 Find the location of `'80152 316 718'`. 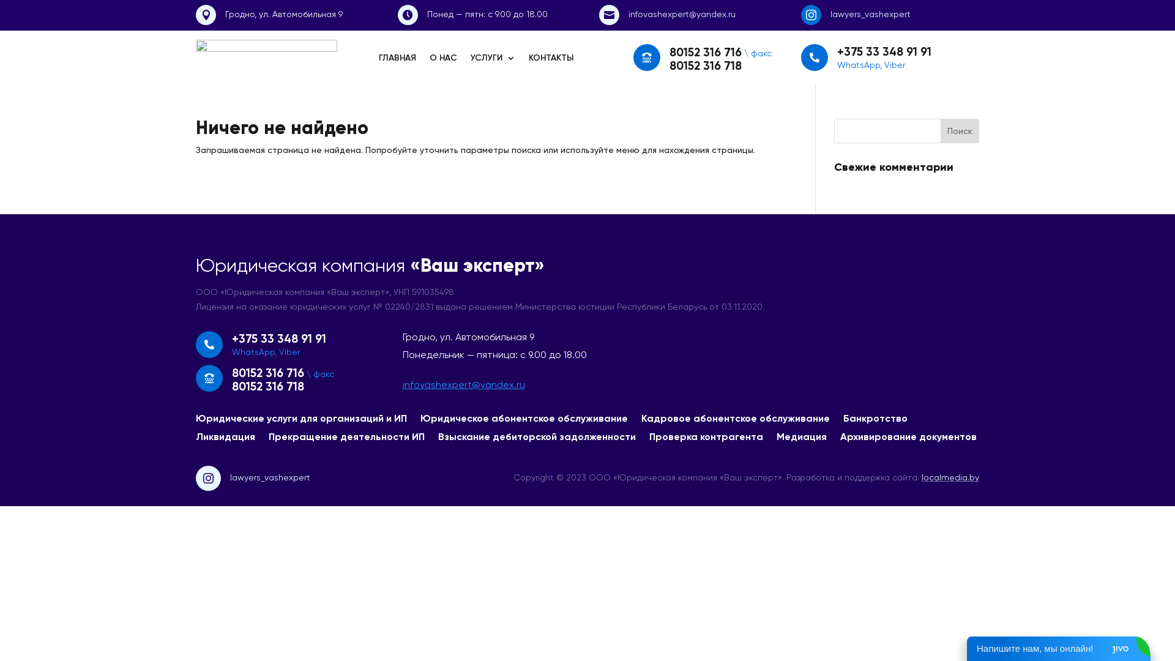

'80152 316 718' is located at coordinates (267, 386).